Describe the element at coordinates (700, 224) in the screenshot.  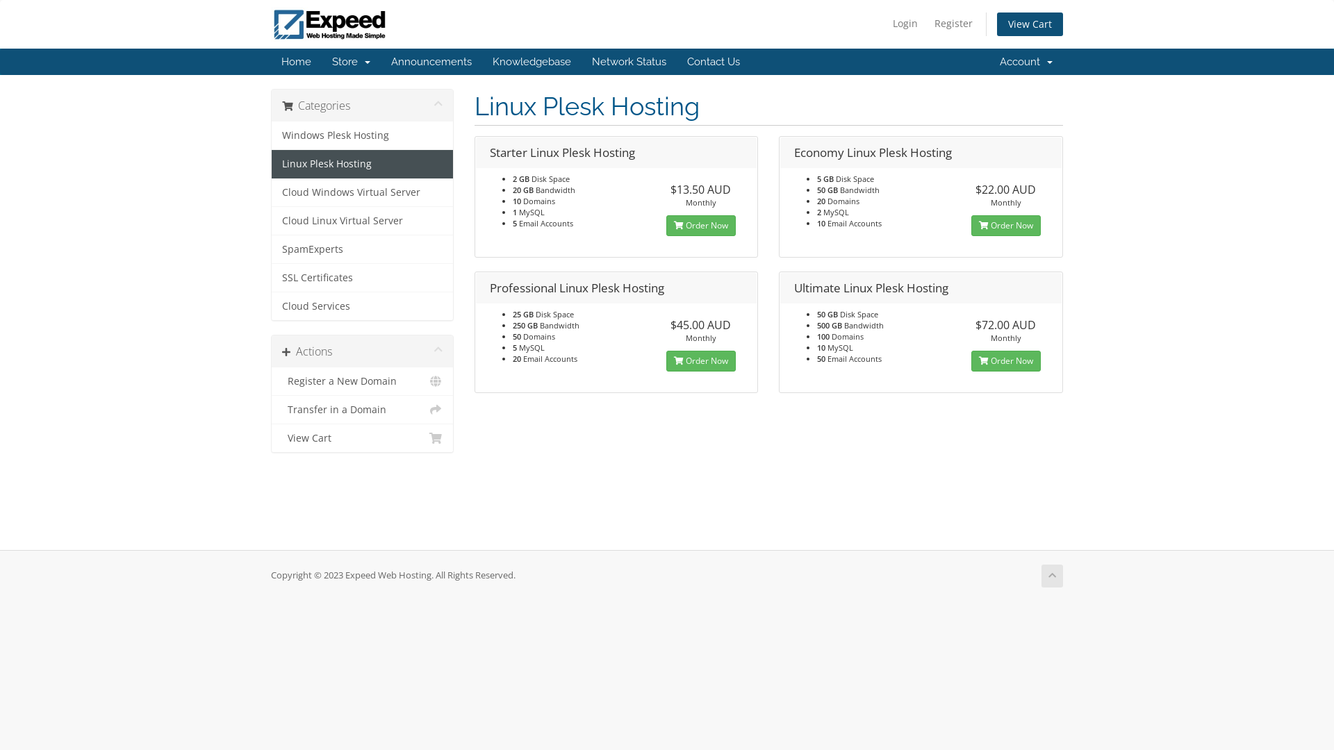
I see `'Order Now'` at that location.